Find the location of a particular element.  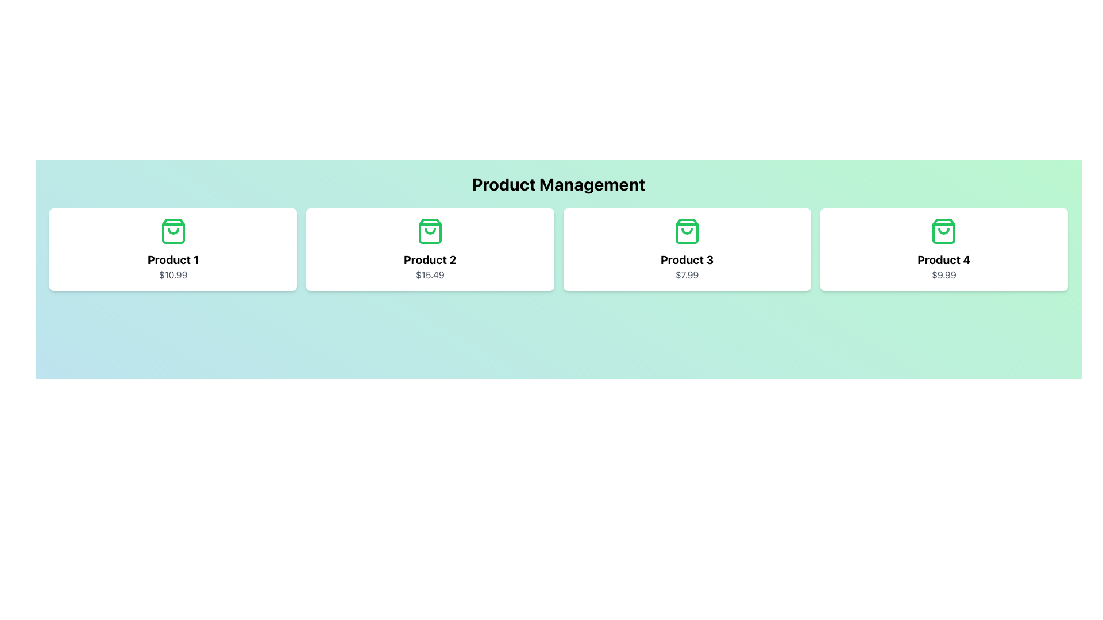

green bag icon located at the top center of the first card labeled 'Product 1' is located at coordinates (172, 231).